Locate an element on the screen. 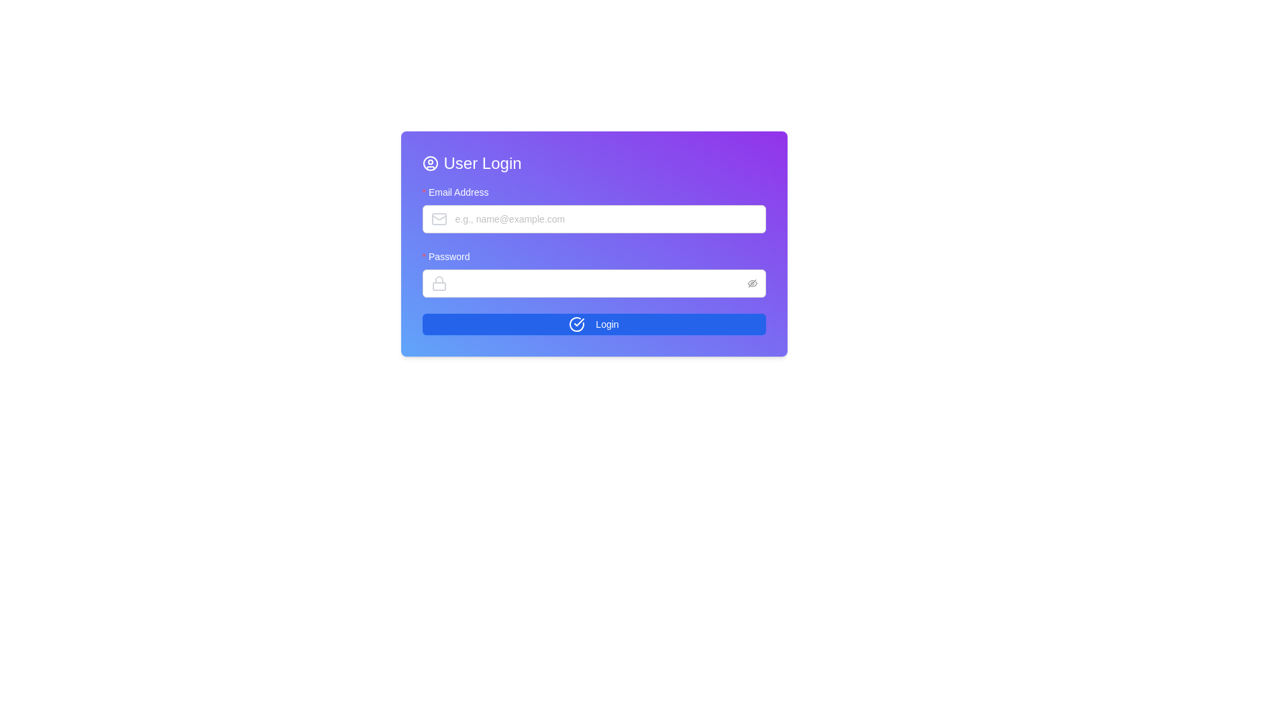 The height and width of the screenshot is (724, 1288). the password visibility toggle icon located to the right of the password input field in the user login form is located at coordinates (752, 282).